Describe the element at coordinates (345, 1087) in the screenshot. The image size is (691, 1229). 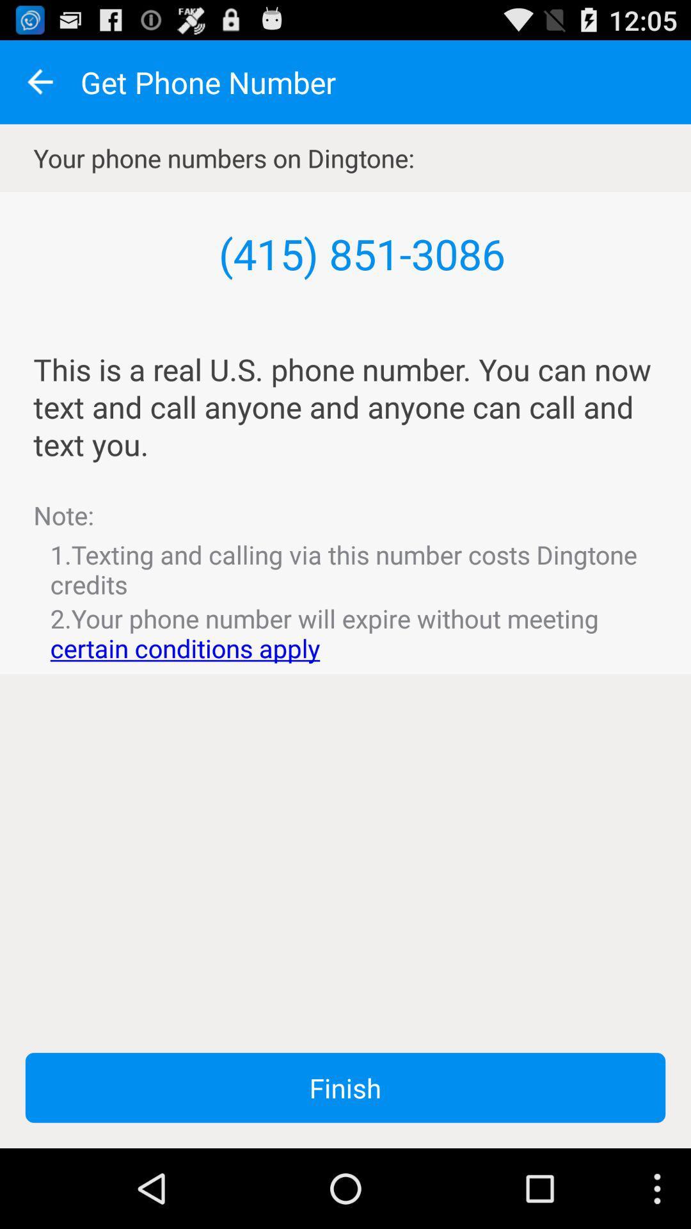
I see `finish icon` at that location.